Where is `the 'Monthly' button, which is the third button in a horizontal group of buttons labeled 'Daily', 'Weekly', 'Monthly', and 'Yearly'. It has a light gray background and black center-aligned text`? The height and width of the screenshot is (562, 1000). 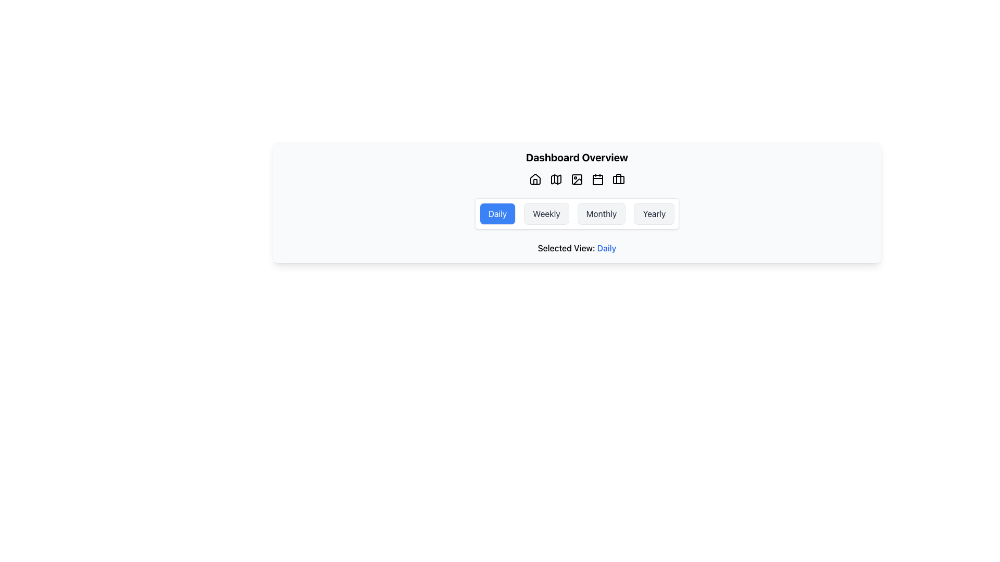 the 'Monthly' button, which is the third button in a horizontal group of buttons labeled 'Daily', 'Weekly', 'Monthly', and 'Yearly'. It has a light gray background and black center-aligned text is located at coordinates (602, 213).